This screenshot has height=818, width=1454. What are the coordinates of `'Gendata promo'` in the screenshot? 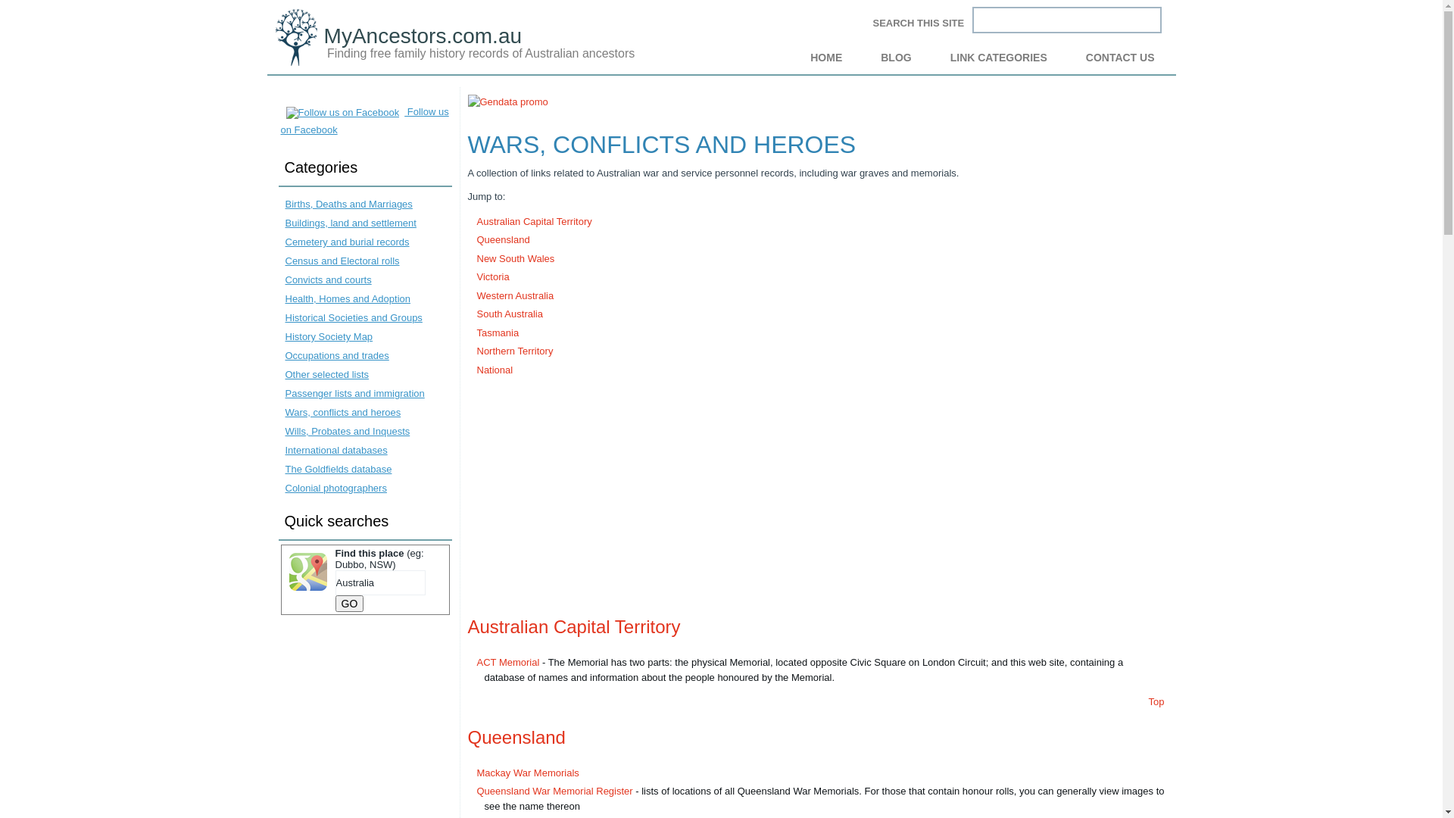 It's located at (467, 101).